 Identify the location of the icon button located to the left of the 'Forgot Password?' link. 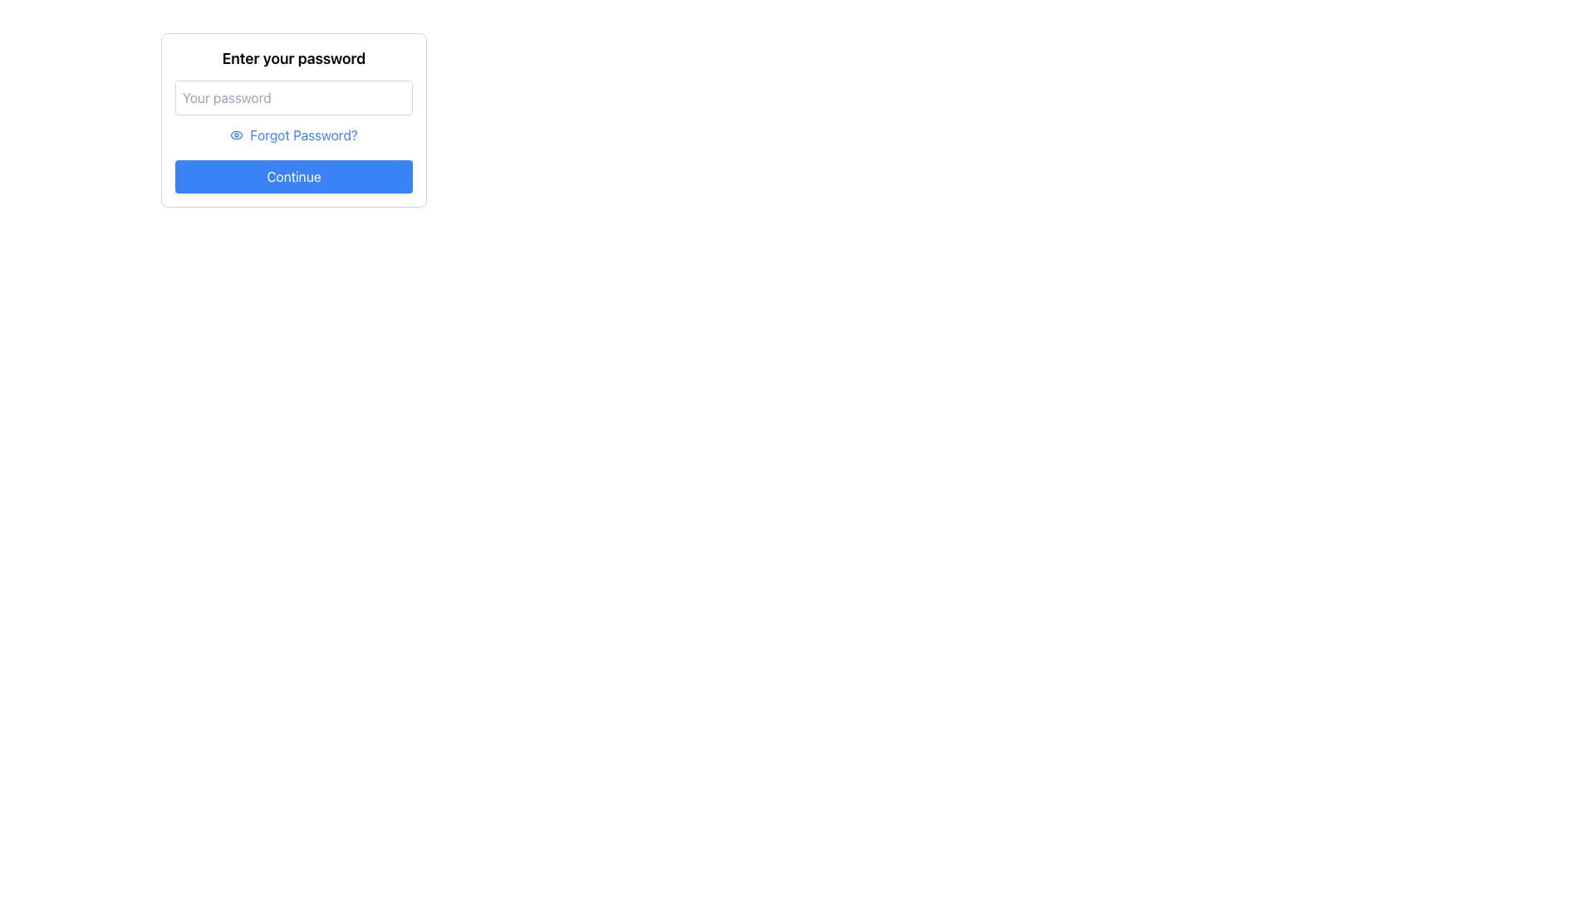
(236, 134).